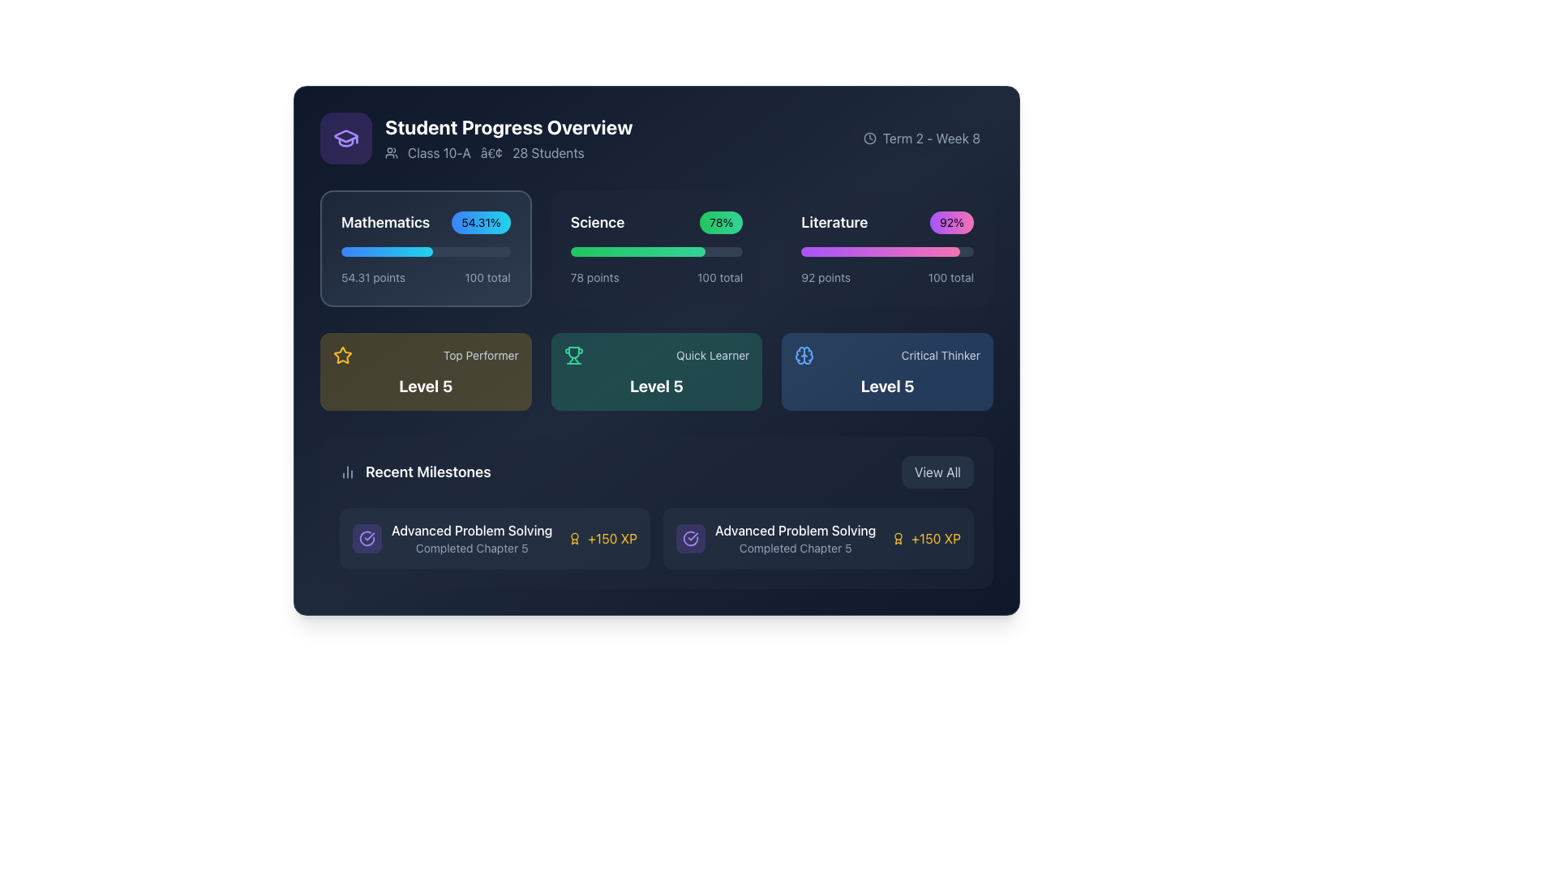  I want to click on the 'Top Performer' achievement card, which is the first card in a row of three, located below the student progress summary section, so click(426, 372).